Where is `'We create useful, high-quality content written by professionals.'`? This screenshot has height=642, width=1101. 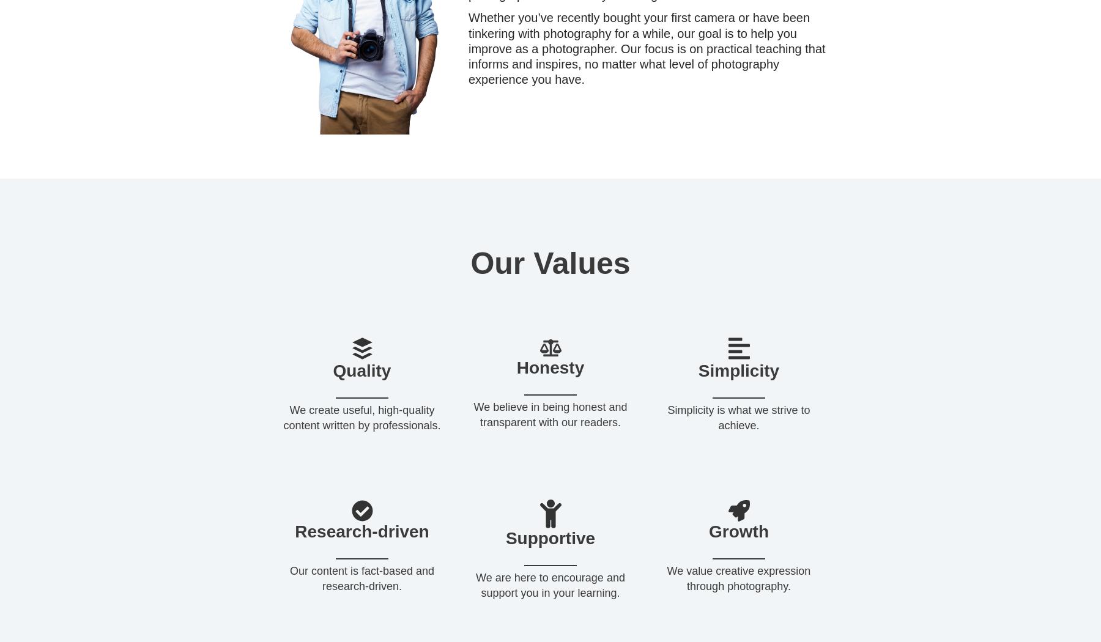
'We create useful, high-quality content written by professionals.' is located at coordinates (361, 418).